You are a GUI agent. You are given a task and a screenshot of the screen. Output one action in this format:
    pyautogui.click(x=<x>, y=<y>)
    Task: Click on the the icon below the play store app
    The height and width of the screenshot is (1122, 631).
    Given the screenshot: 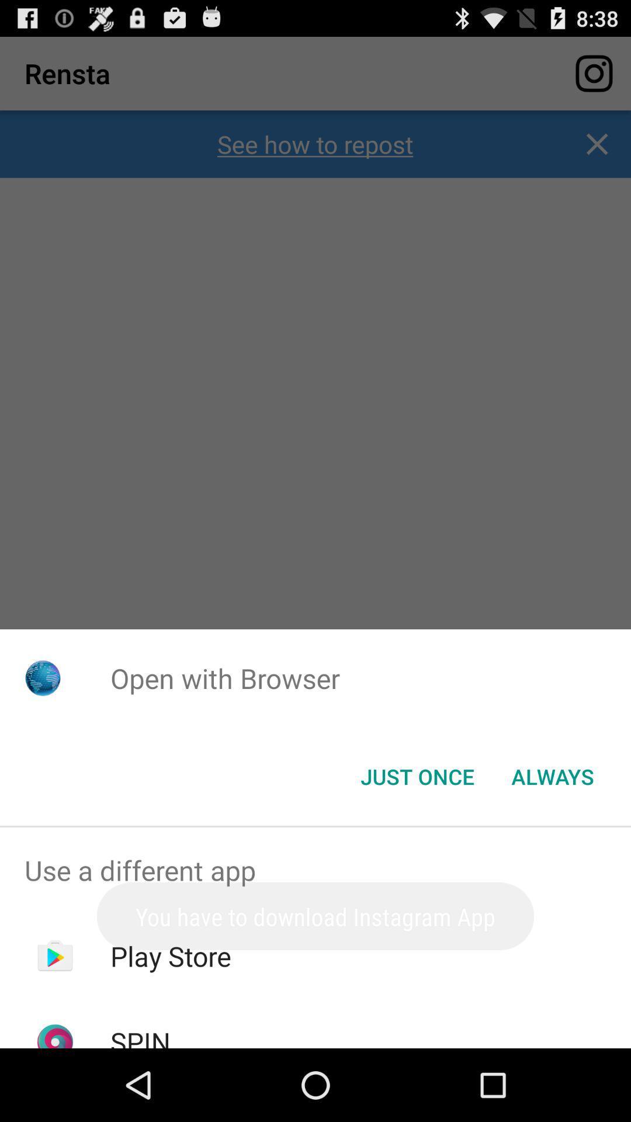 What is the action you would take?
    pyautogui.click(x=140, y=1036)
    